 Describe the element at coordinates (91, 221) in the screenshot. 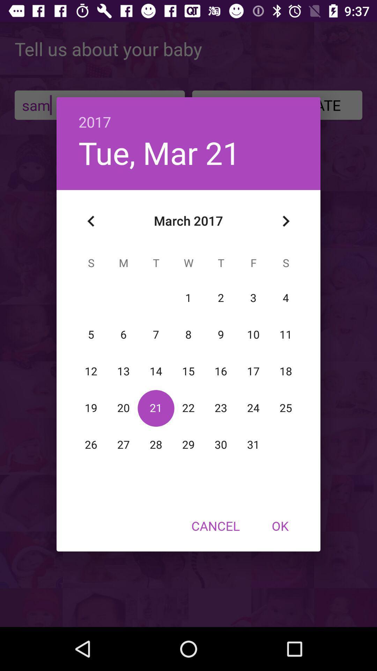

I see `the icon below tue, mar 21 icon` at that location.